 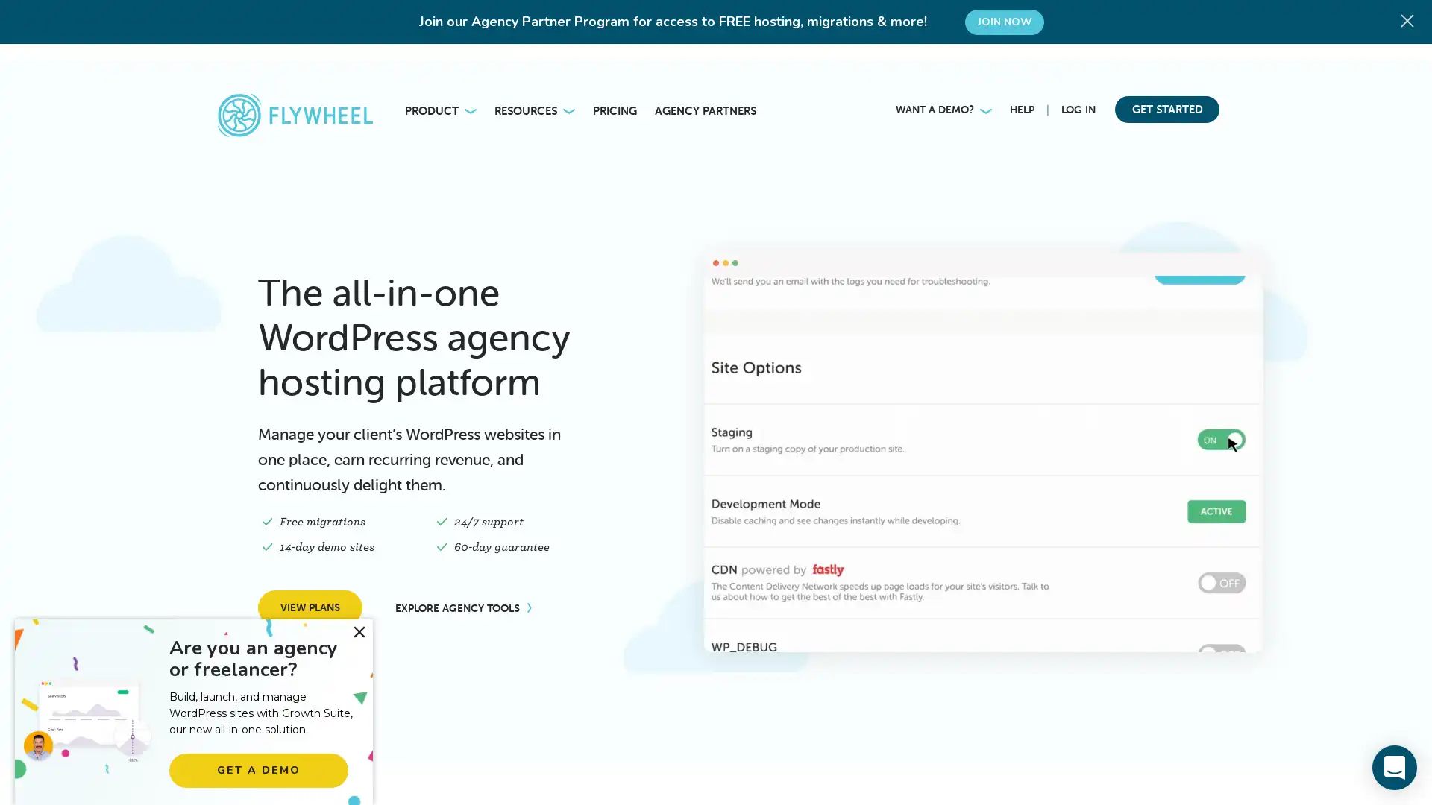 What do you see at coordinates (258, 770) in the screenshot?
I see `GET A DEMO` at bounding box center [258, 770].